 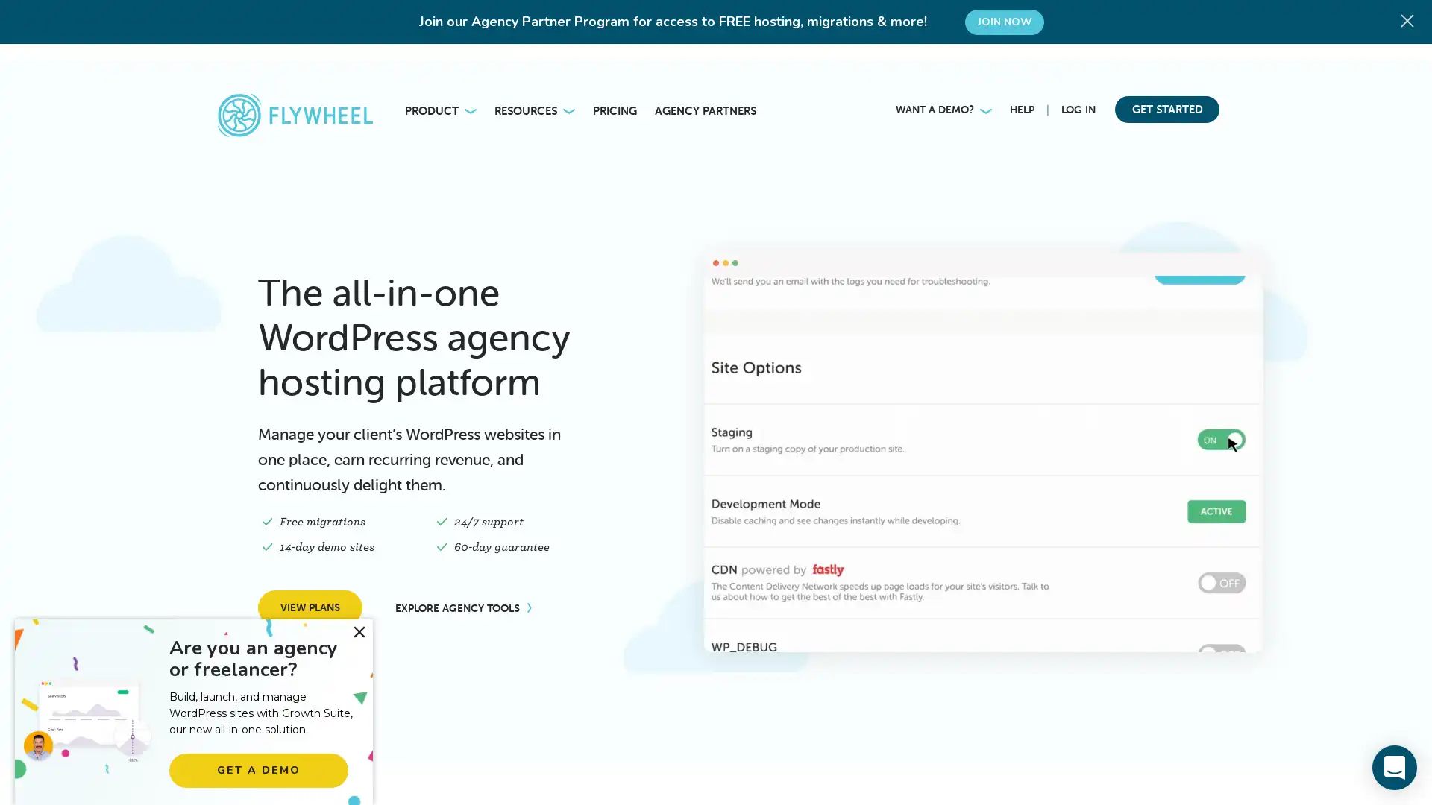 What do you see at coordinates (258, 770) in the screenshot?
I see `GET A DEMO` at bounding box center [258, 770].